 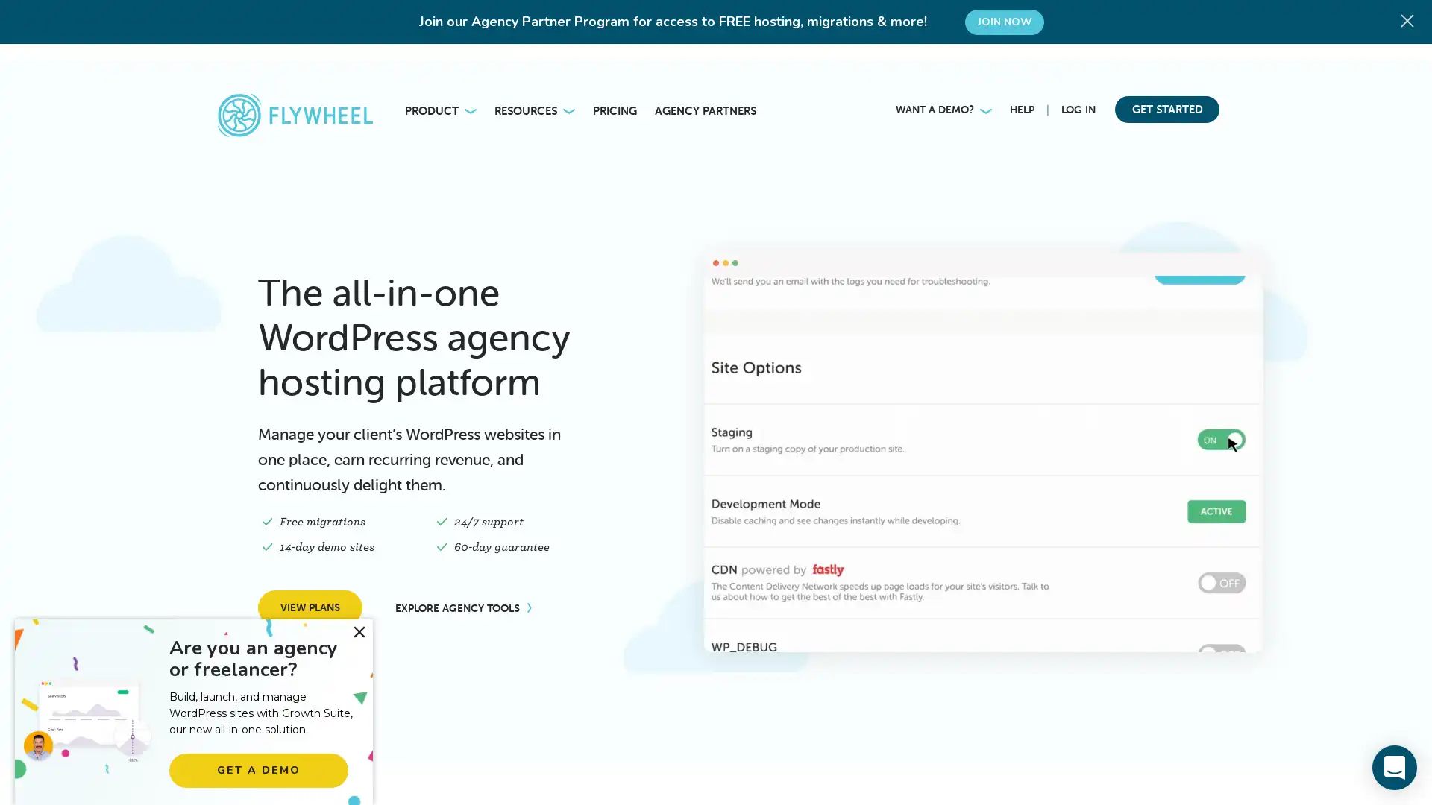 What do you see at coordinates (258, 770) in the screenshot?
I see `GET A DEMO` at bounding box center [258, 770].